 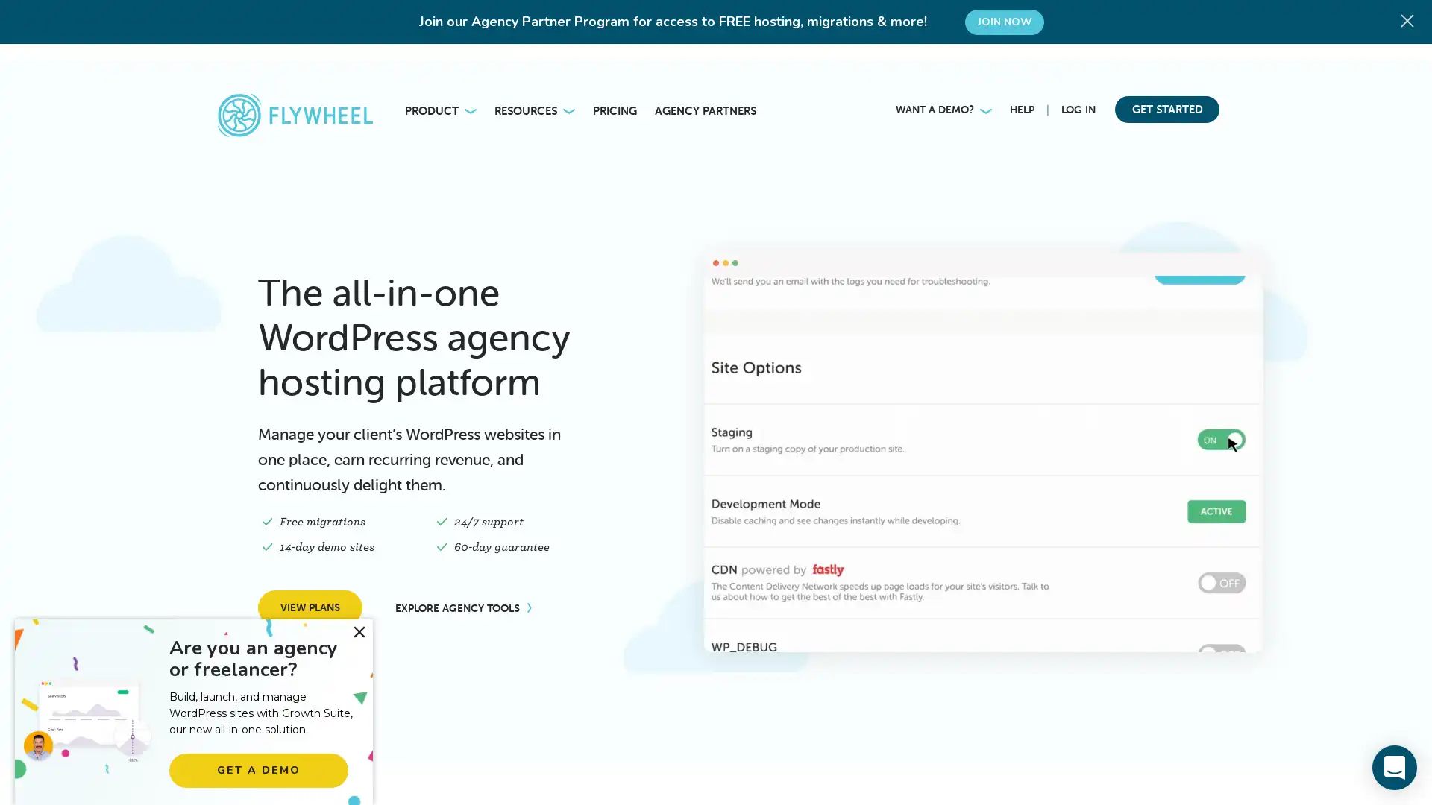 What do you see at coordinates (258, 770) in the screenshot?
I see `GET A DEMO` at bounding box center [258, 770].